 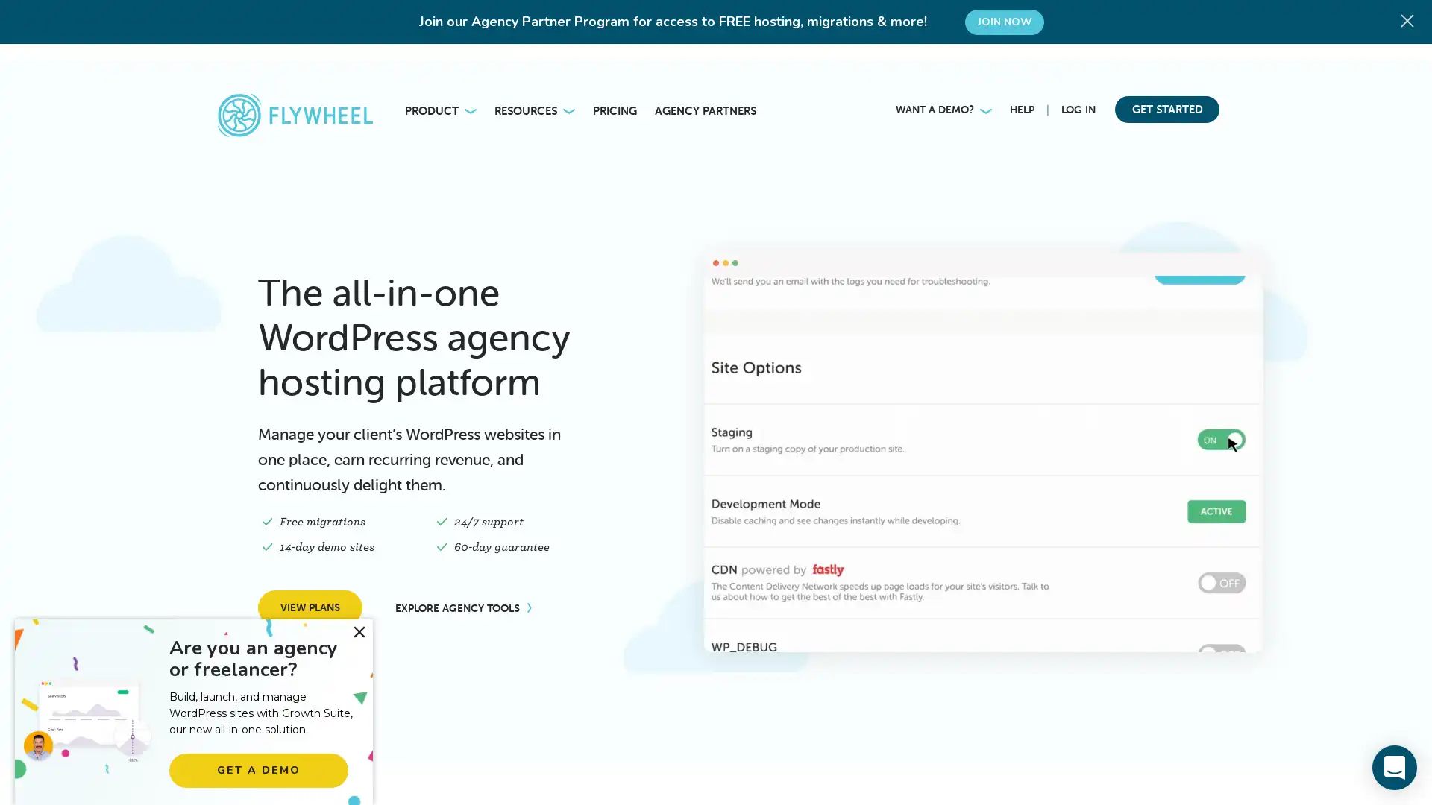 What do you see at coordinates (258, 770) in the screenshot?
I see `GET A DEMO` at bounding box center [258, 770].